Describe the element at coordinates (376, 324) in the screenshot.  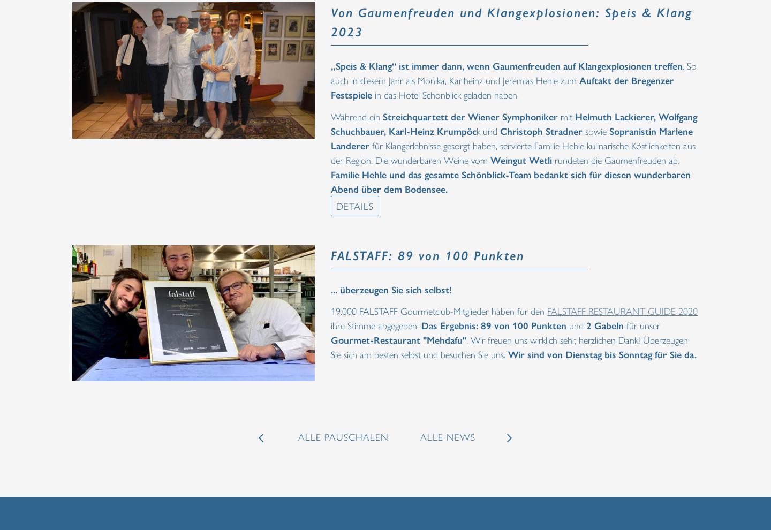
I see `'ihre Stimme abgegeben.'` at that location.